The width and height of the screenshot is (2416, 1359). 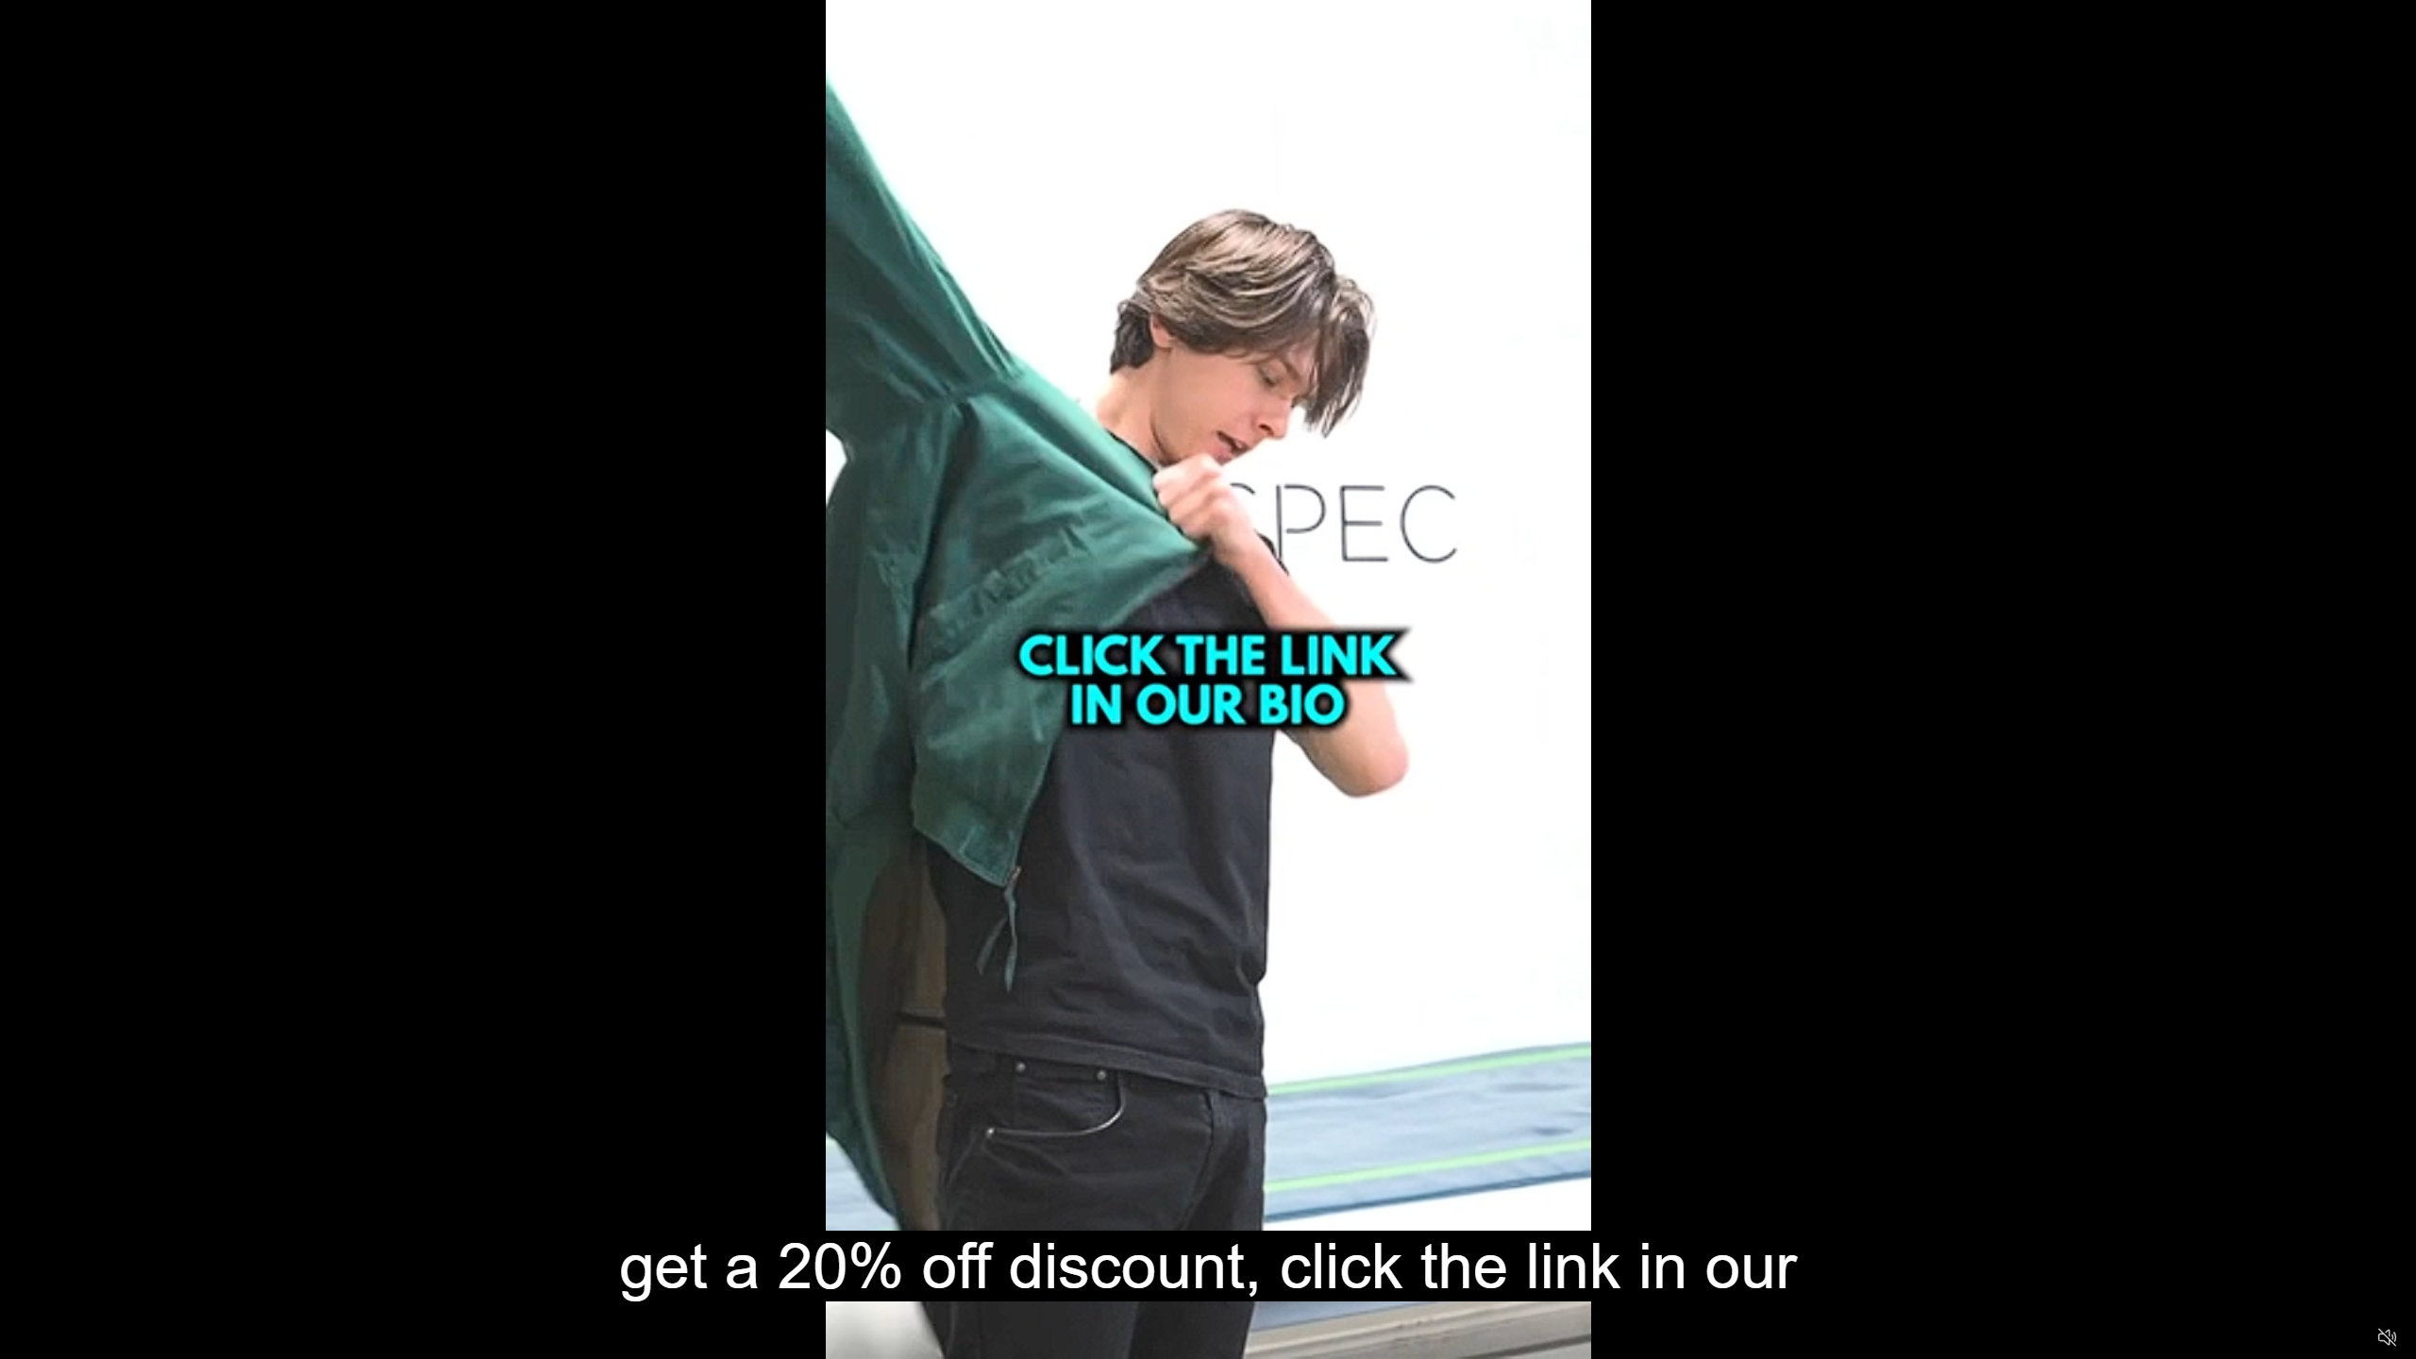 I want to click on 'Non-Fullscreen', so click(x=2351, y=1337).